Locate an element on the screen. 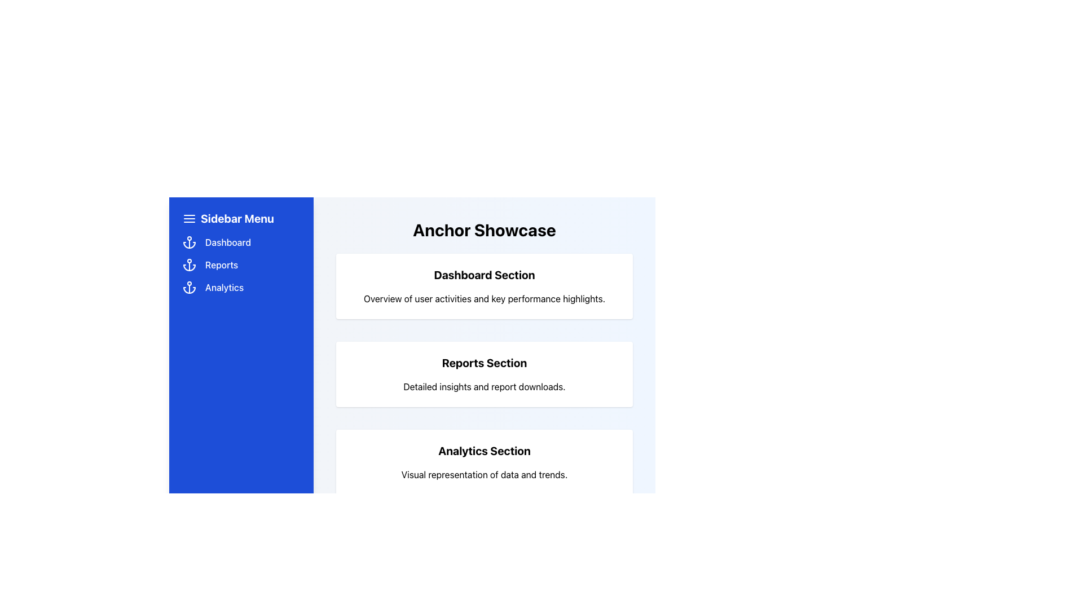 This screenshot has width=1083, height=609. text displayed prominently in bold font saying 'Analytics Section' located at the center of the card is located at coordinates (485, 450).